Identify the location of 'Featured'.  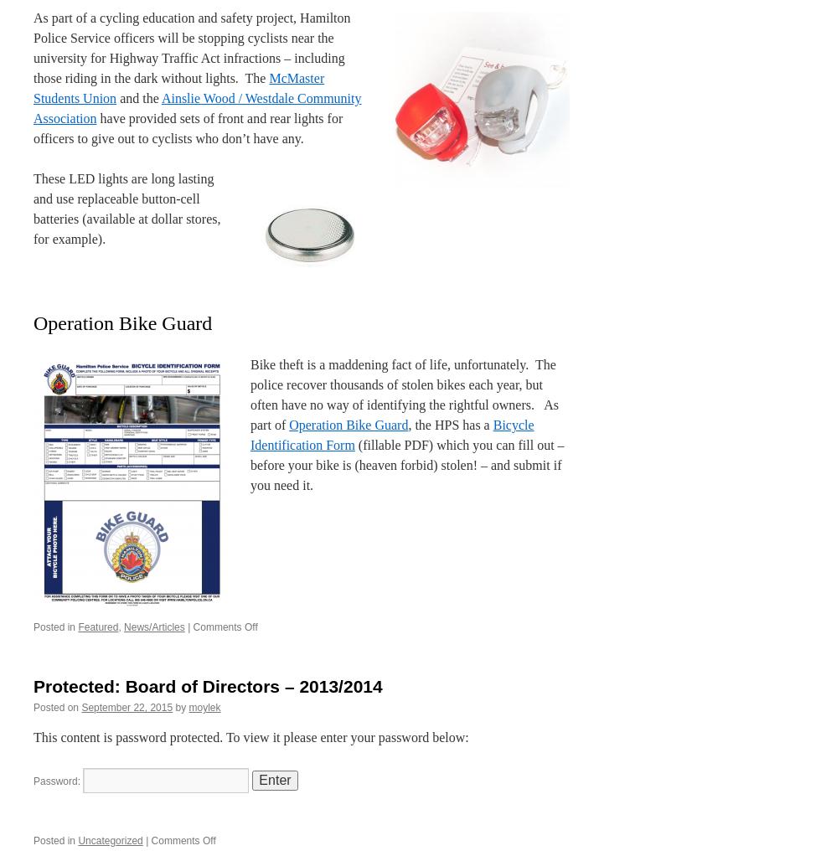
(98, 626).